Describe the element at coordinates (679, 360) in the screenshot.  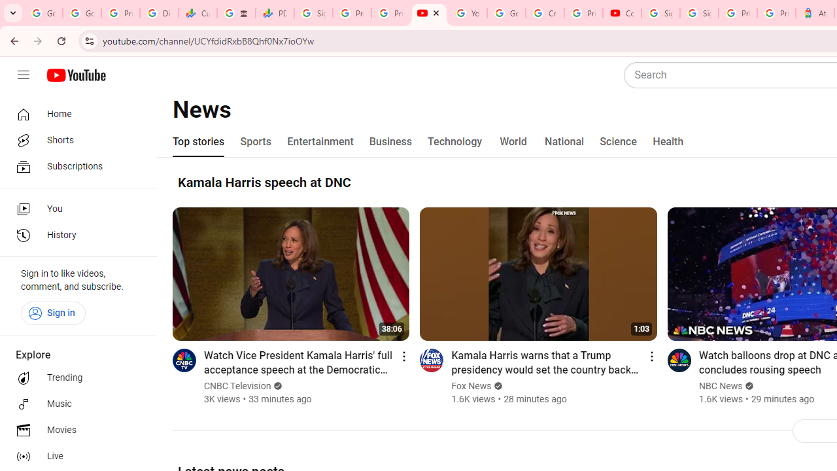
I see `'Go to channel'` at that location.